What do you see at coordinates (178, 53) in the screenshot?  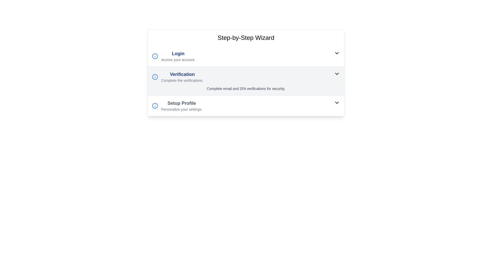 I see `the prominent blue 'Login' text element displayed in bold at the top of the section labeled 'Access your account'` at bounding box center [178, 53].